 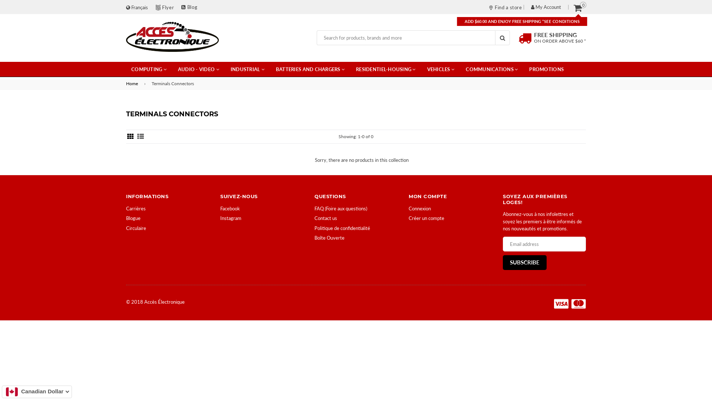 I want to click on 'SUBSCRIBE', so click(x=524, y=262).